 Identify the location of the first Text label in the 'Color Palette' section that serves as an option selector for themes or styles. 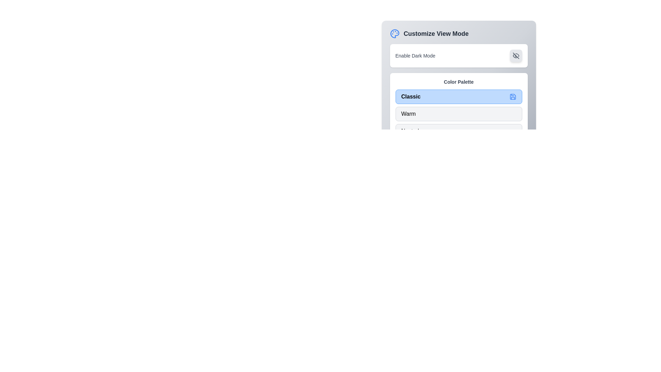
(411, 97).